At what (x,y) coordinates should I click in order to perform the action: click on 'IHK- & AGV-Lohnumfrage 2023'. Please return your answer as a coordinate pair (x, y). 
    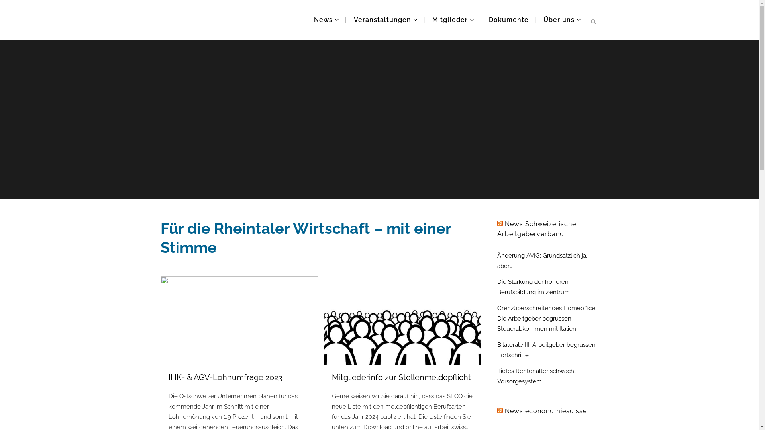
    Looking at the image, I should click on (225, 377).